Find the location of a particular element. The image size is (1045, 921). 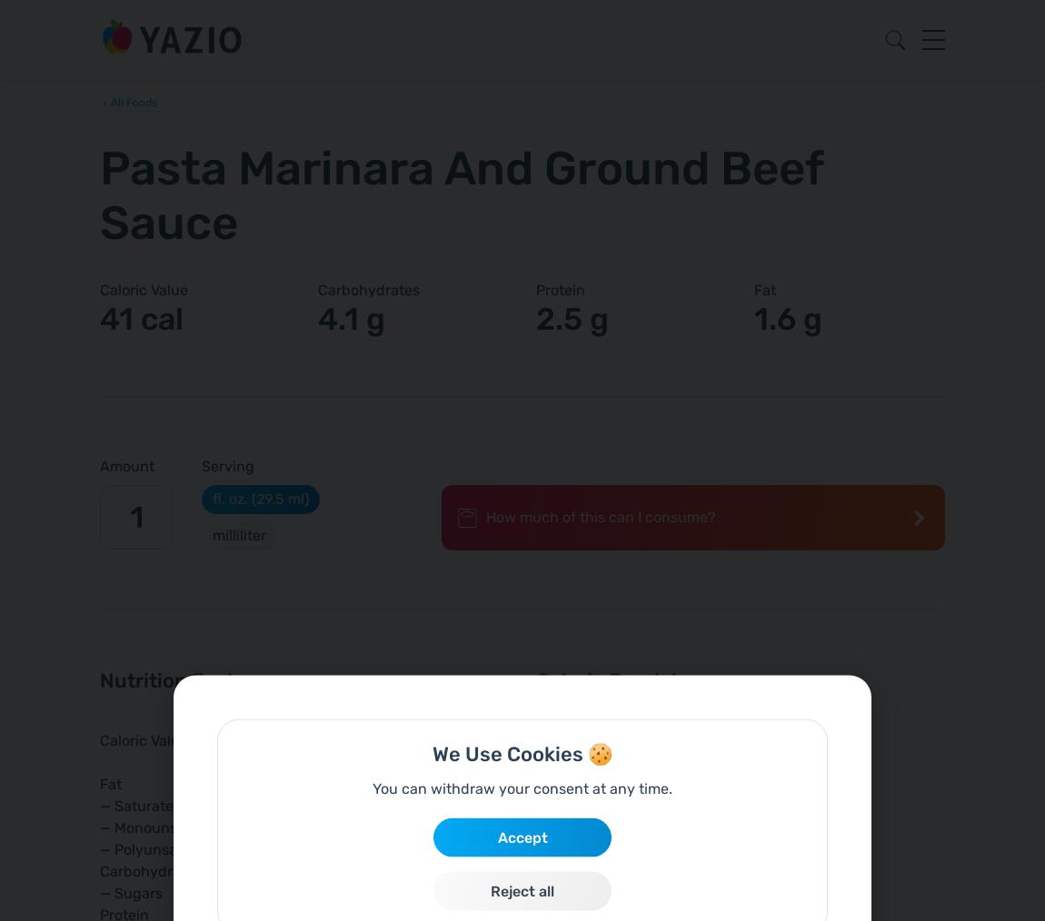

'All Foods' is located at coordinates (133, 102).